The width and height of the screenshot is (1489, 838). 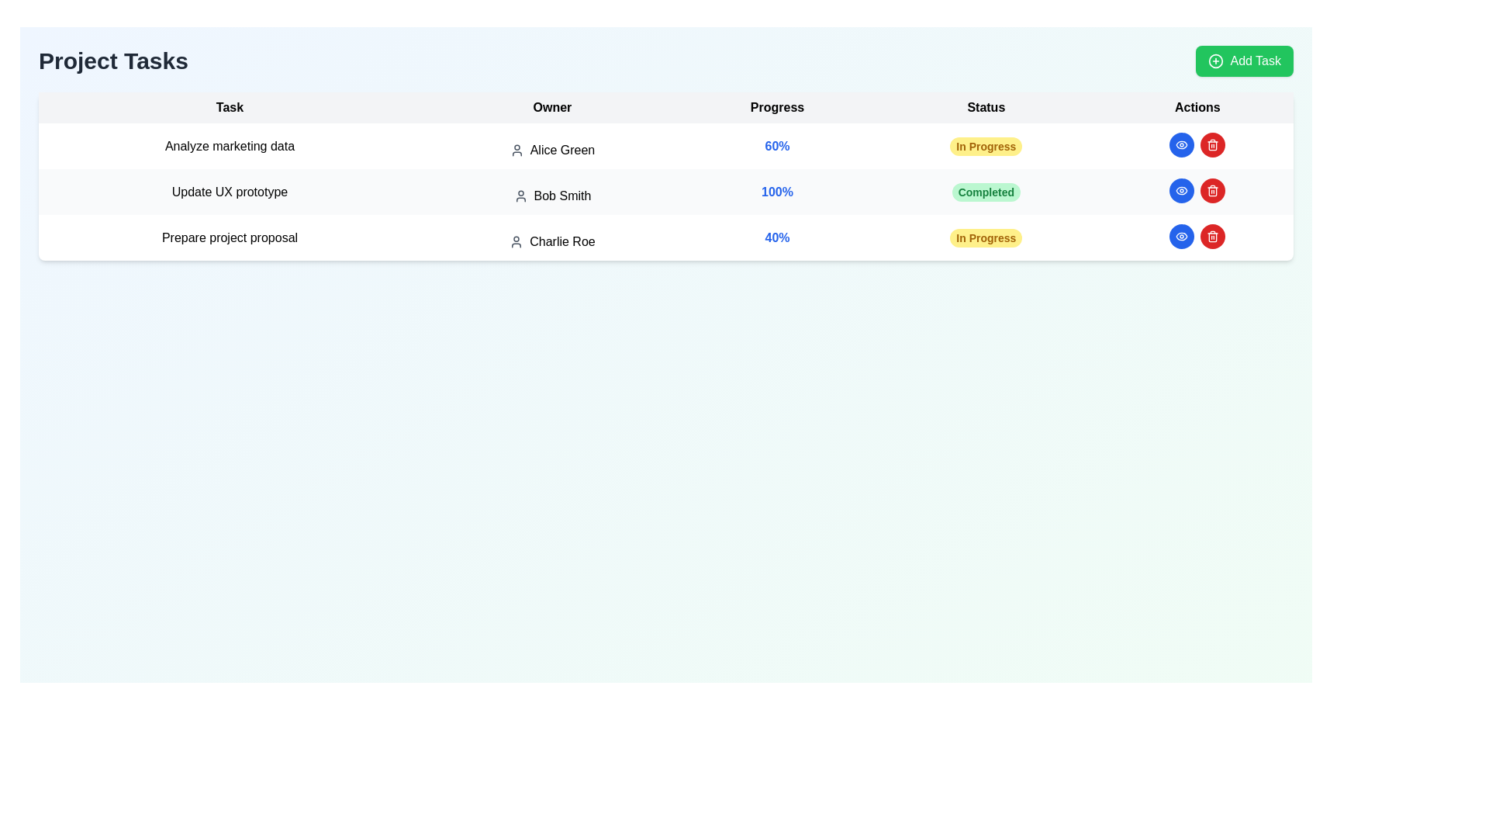 I want to click on the user icon with a minimalist, outlined design located in the 'Owner' column of the second row, positioned to the left of 'Bob Smith', so click(x=520, y=196).